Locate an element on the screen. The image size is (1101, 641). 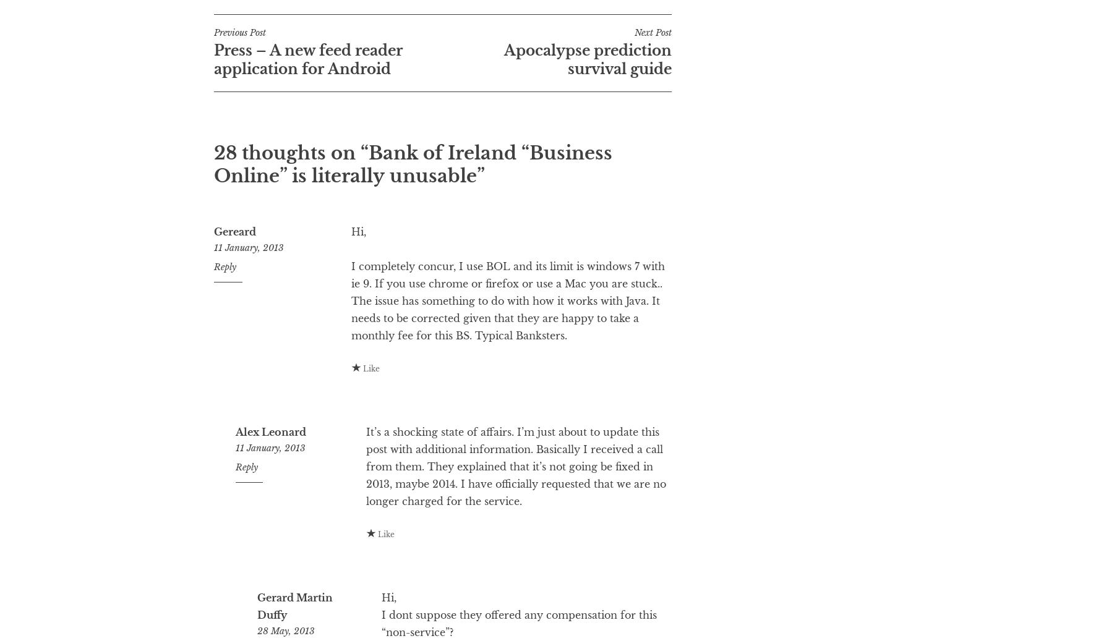
'work' is located at coordinates (408, 20).